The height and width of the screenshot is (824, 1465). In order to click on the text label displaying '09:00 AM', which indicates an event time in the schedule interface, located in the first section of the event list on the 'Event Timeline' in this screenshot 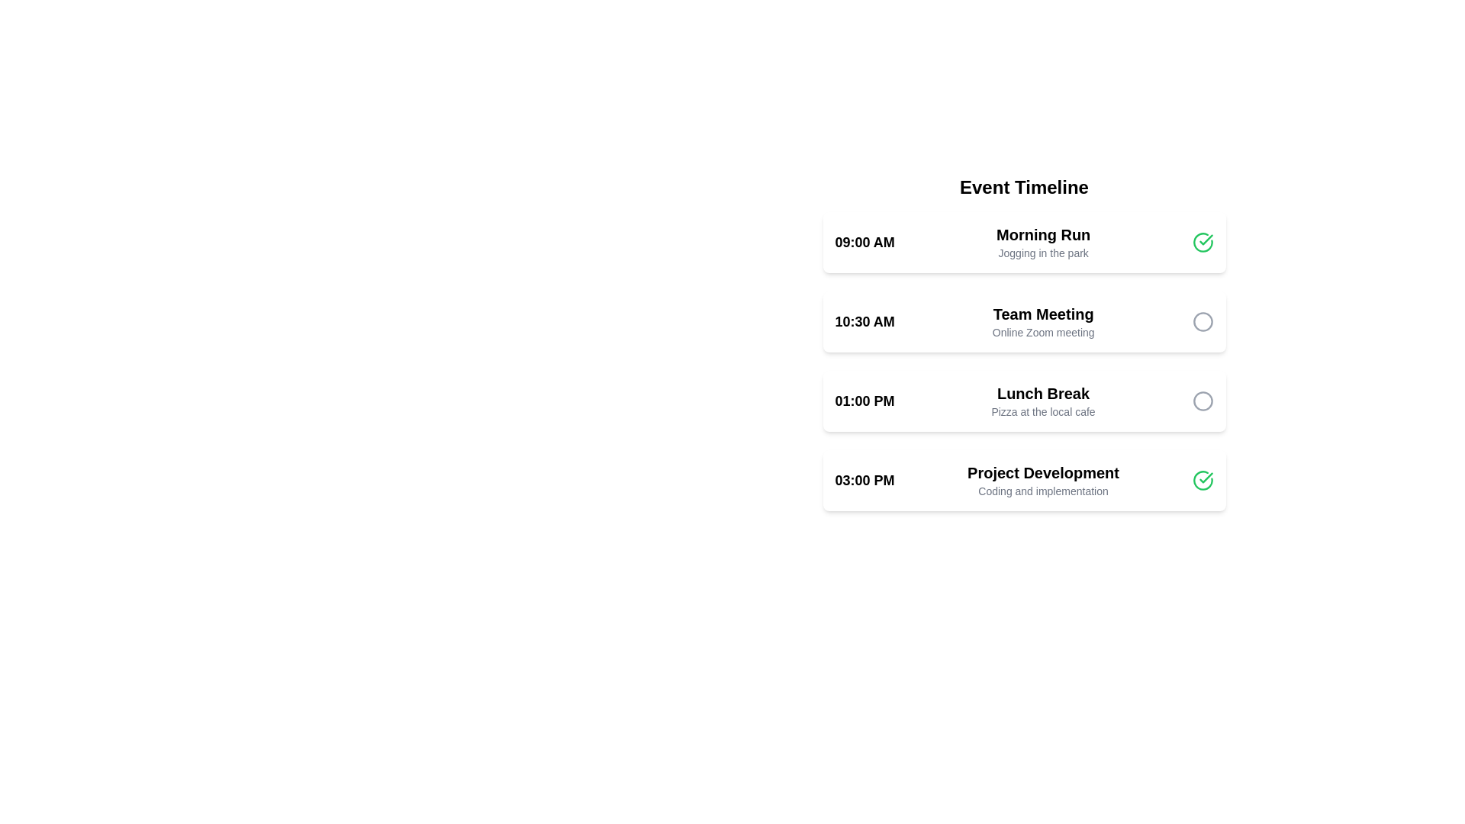, I will do `click(865, 241)`.